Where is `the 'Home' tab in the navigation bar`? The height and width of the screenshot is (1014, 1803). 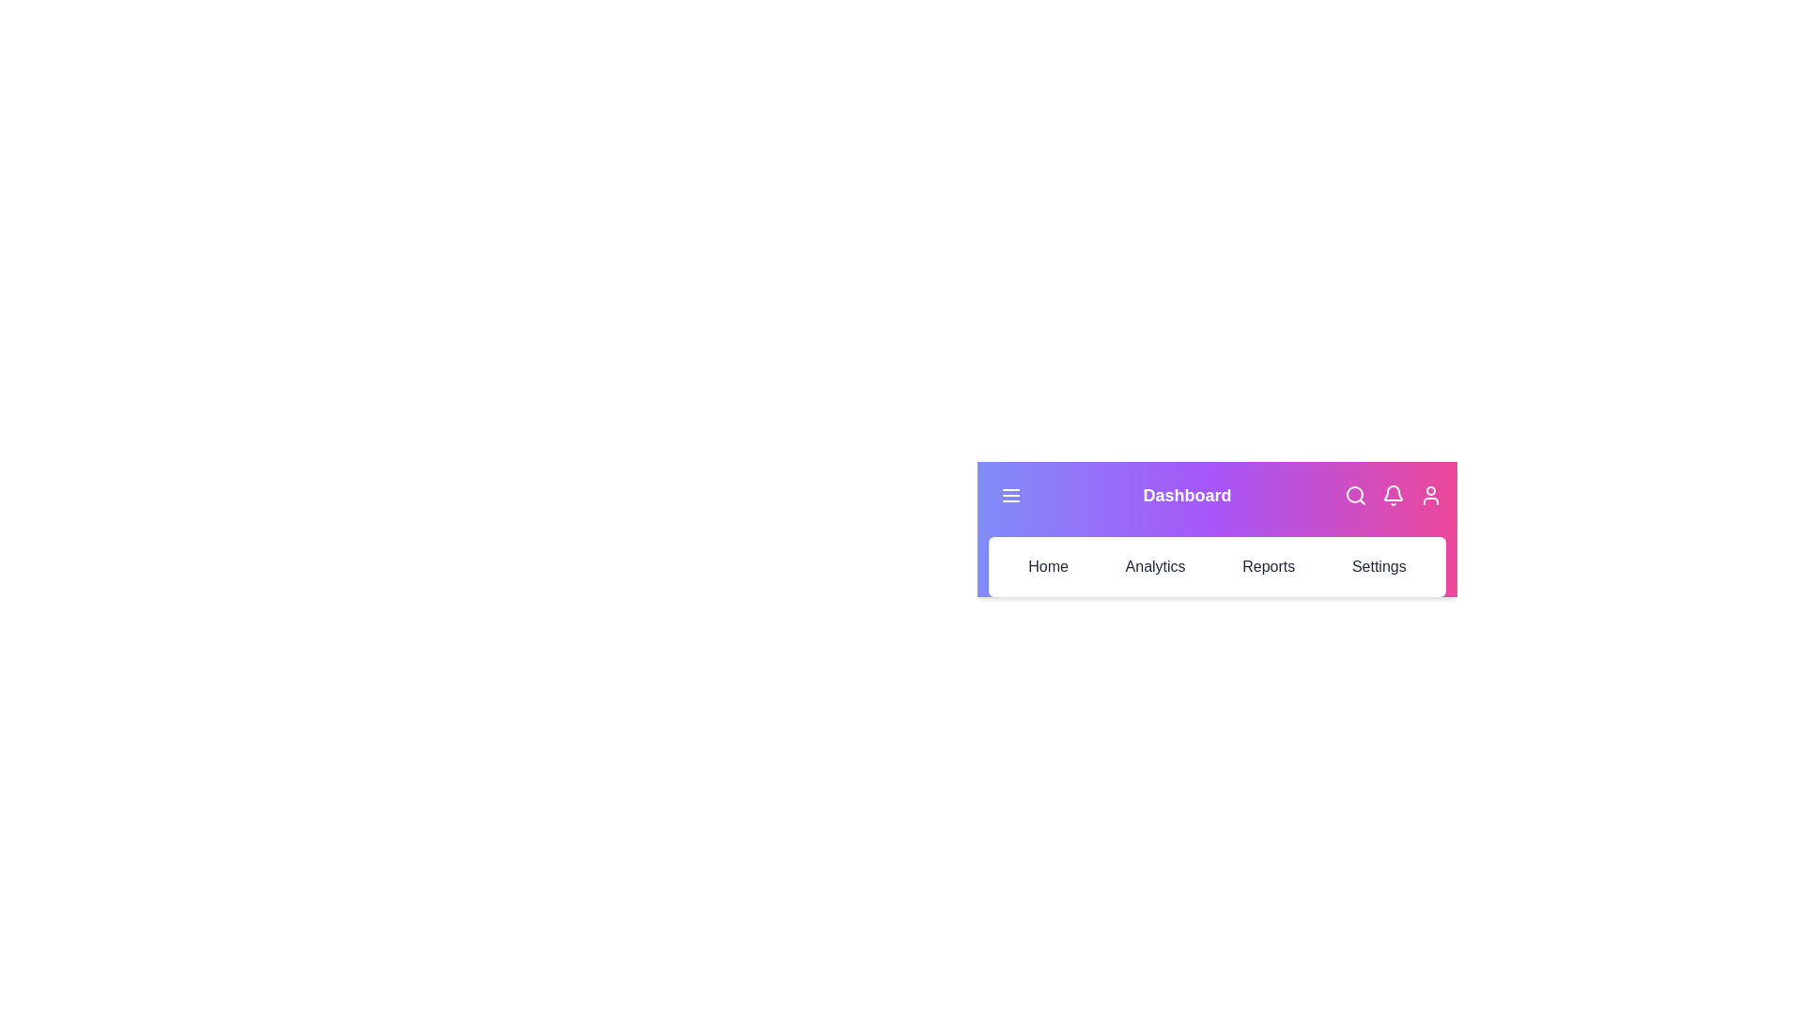 the 'Home' tab in the navigation bar is located at coordinates (1047, 566).